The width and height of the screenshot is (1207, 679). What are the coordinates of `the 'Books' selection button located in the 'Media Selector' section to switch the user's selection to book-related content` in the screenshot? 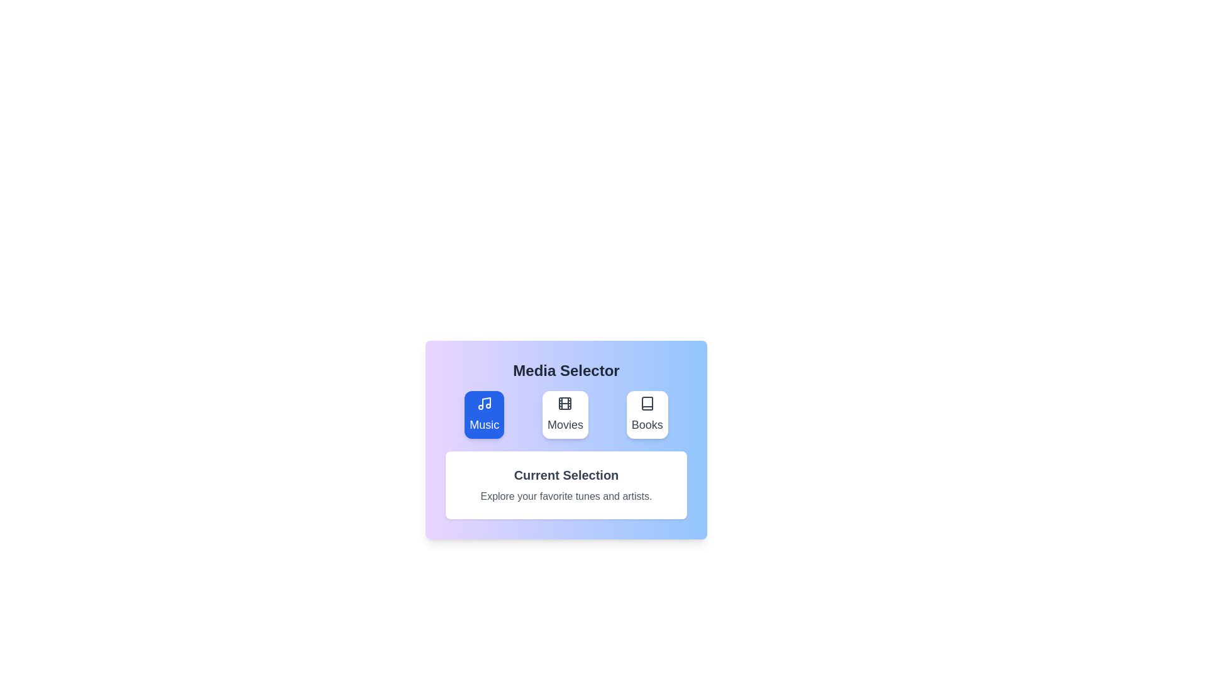 It's located at (647, 414).